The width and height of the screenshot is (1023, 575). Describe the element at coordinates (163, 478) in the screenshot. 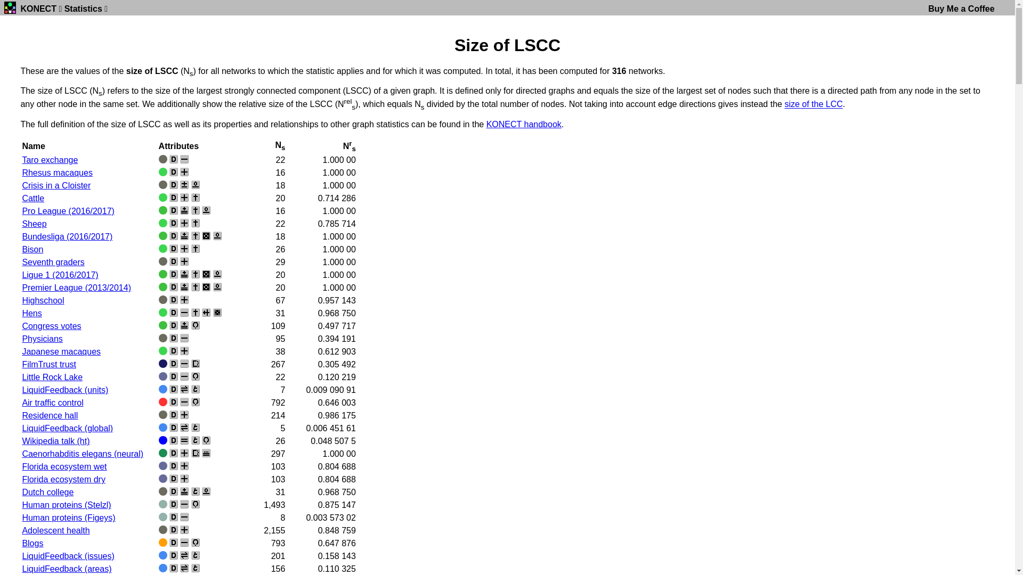

I see `'Trophic network'` at that location.